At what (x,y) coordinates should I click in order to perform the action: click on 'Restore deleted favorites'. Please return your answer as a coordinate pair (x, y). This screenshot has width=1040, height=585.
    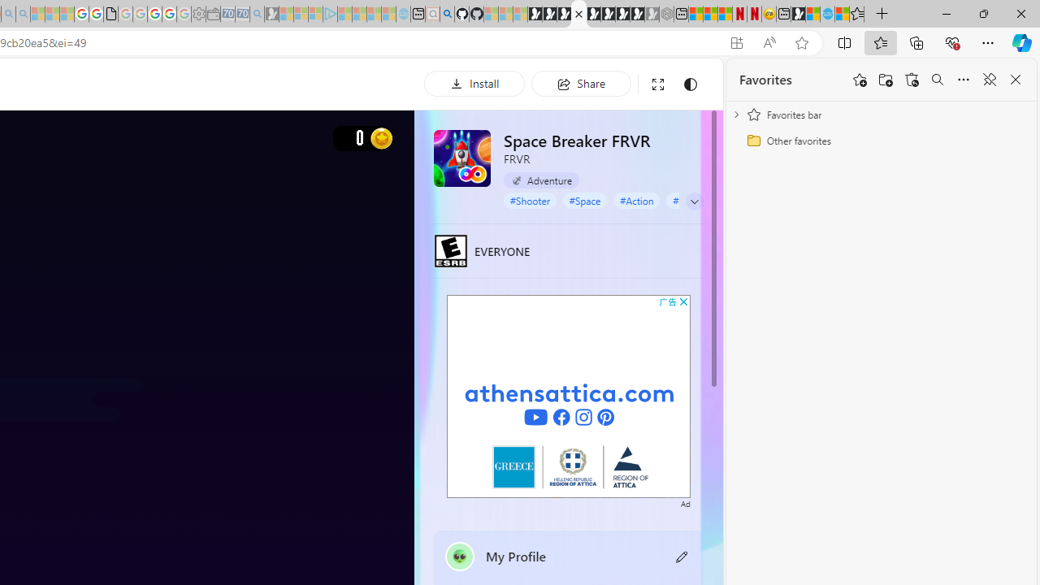
    Looking at the image, I should click on (912, 80).